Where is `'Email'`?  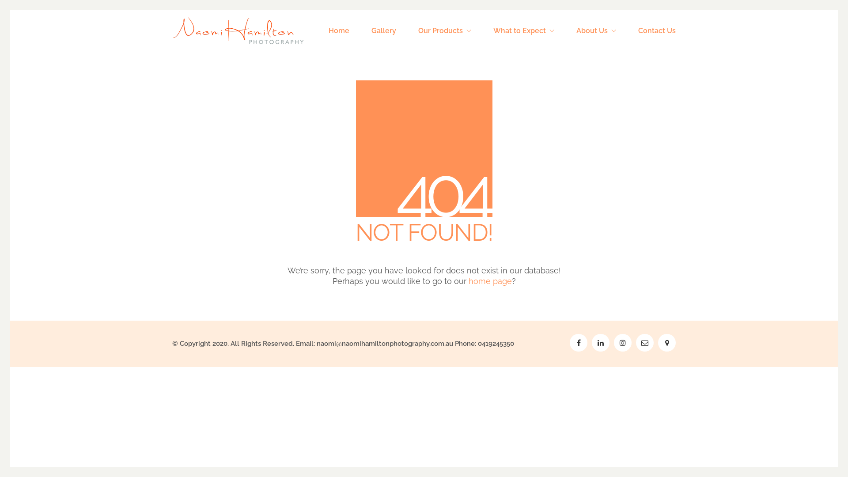 'Email' is located at coordinates (644, 342).